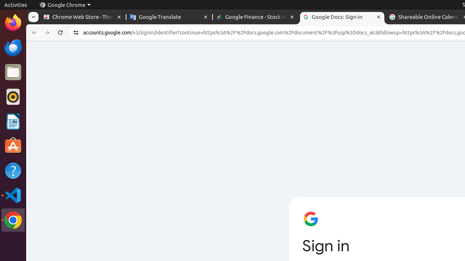  What do you see at coordinates (256, 17) in the screenshot?
I see `'Google Finance - Stock Market Prices, Real-time Quotes & Business News - Memory usage - 51.5 MB'` at bounding box center [256, 17].